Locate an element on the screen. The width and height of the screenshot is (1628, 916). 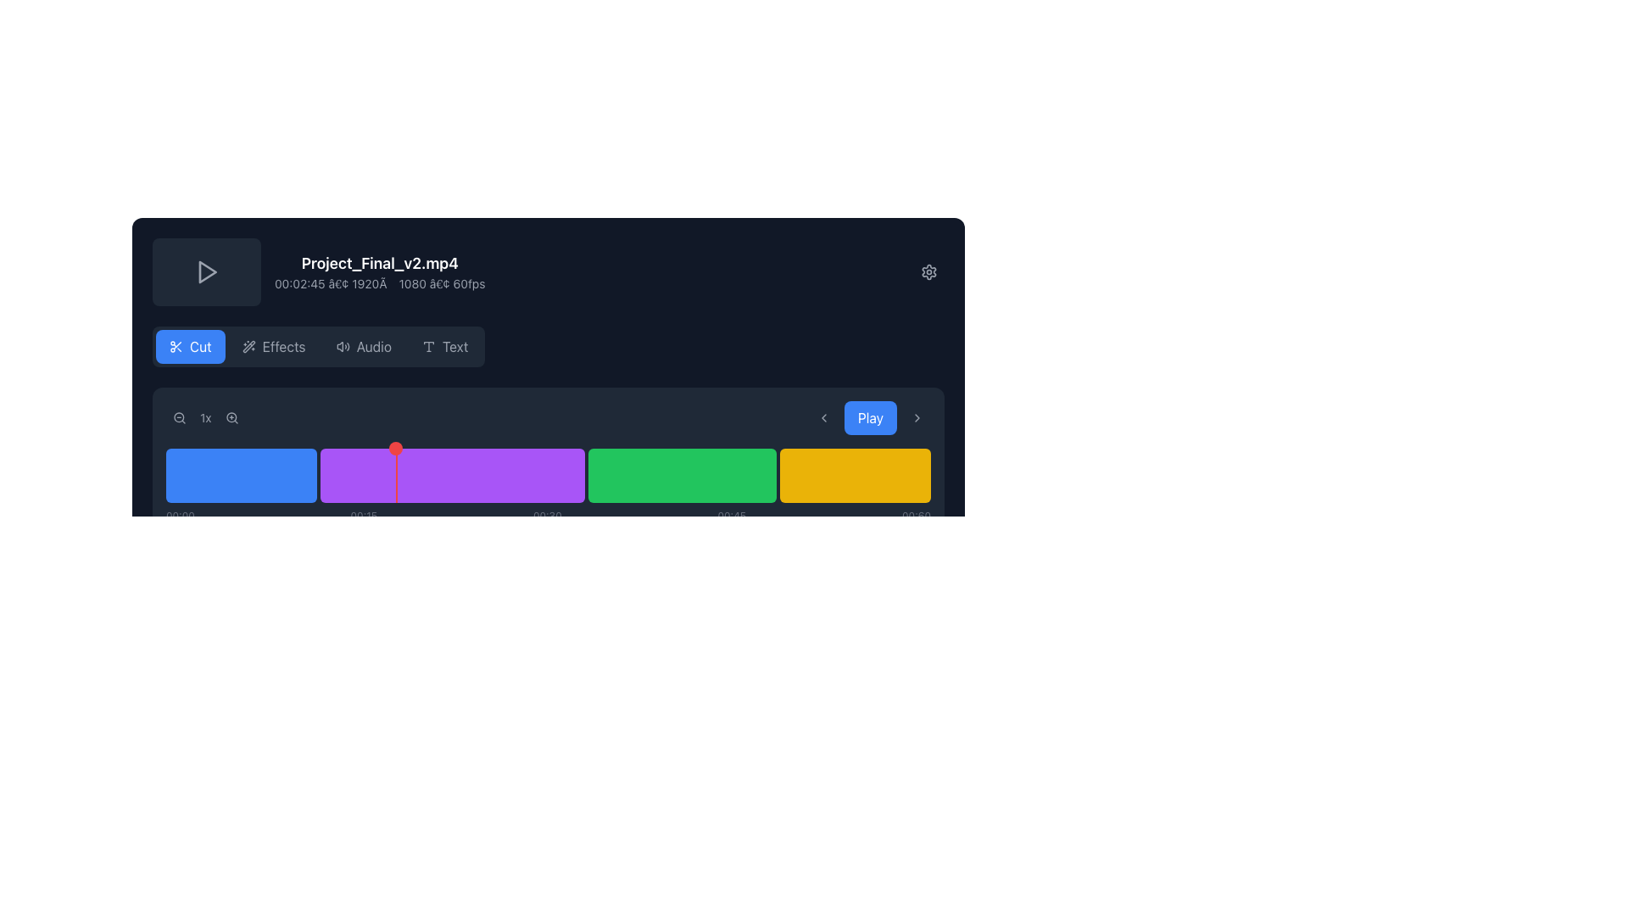
the 'Cut' button icon located near the top-left corner of the application interface, which symbolizes a 'Cut' action for trimming or segmenting content is located at coordinates (176, 345).